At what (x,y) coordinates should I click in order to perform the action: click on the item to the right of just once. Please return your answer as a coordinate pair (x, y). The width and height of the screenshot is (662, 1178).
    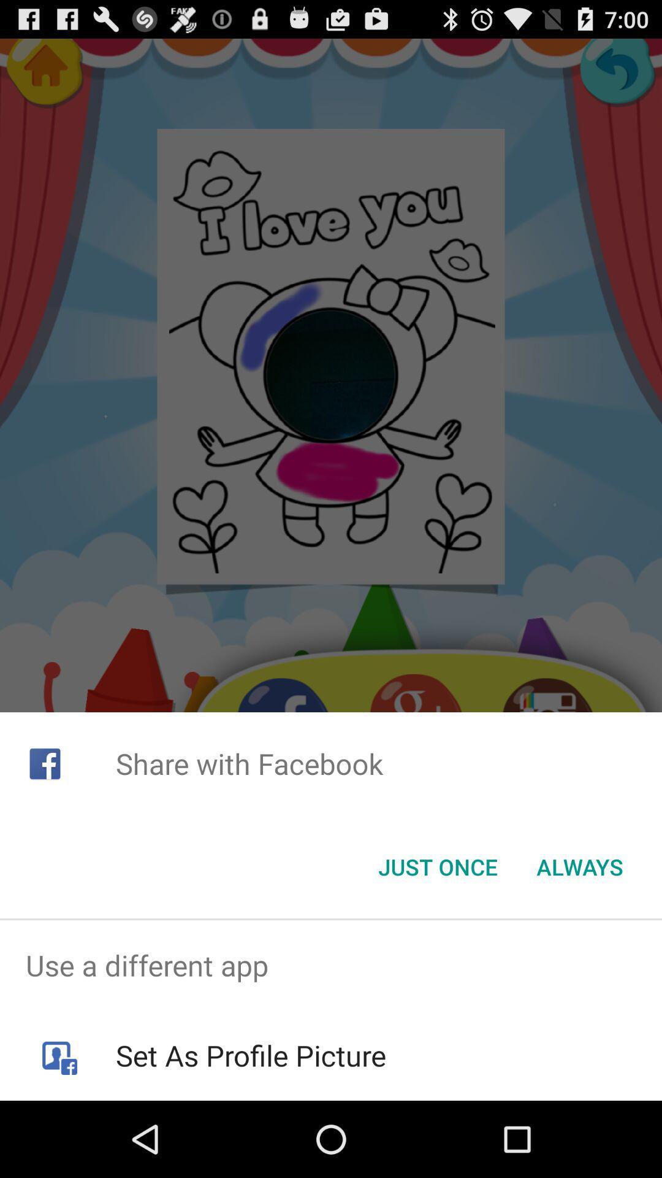
    Looking at the image, I should click on (579, 866).